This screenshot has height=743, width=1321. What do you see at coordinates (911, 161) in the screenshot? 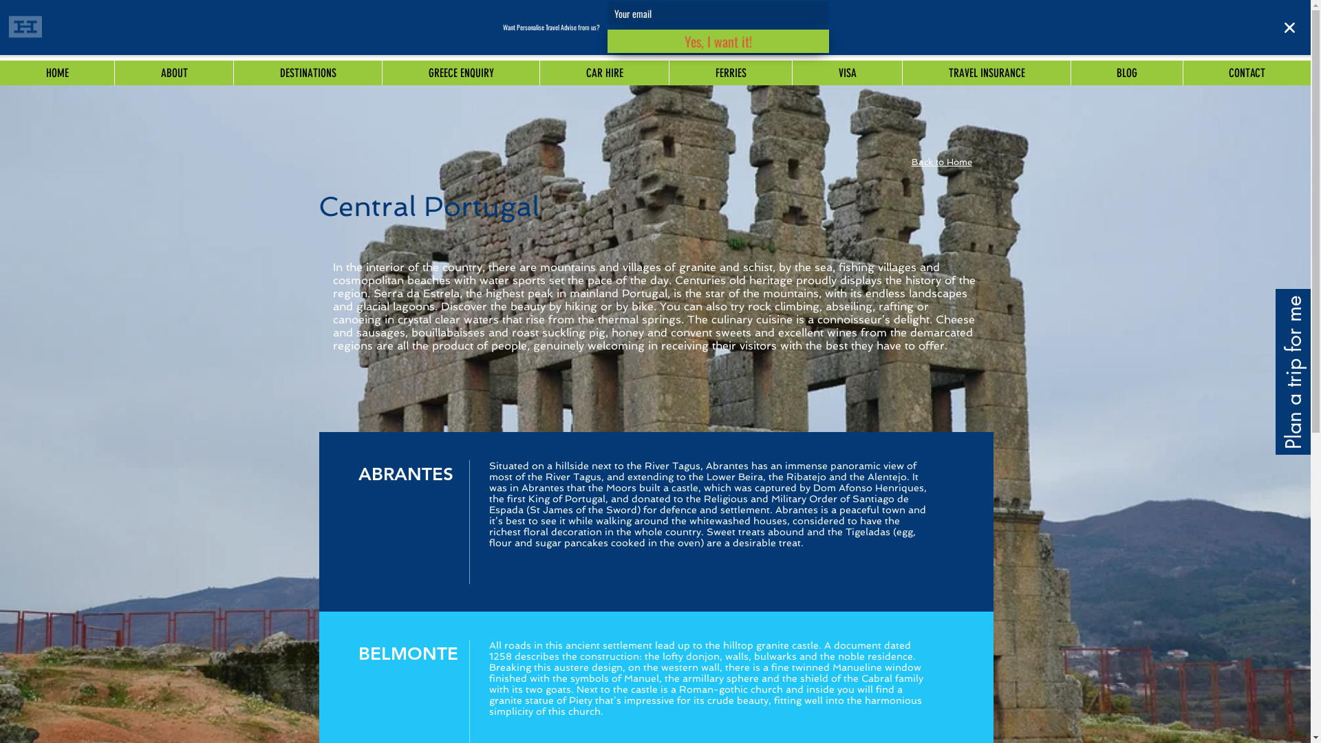
I see `'Back to Home'` at bounding box center [911, 161].